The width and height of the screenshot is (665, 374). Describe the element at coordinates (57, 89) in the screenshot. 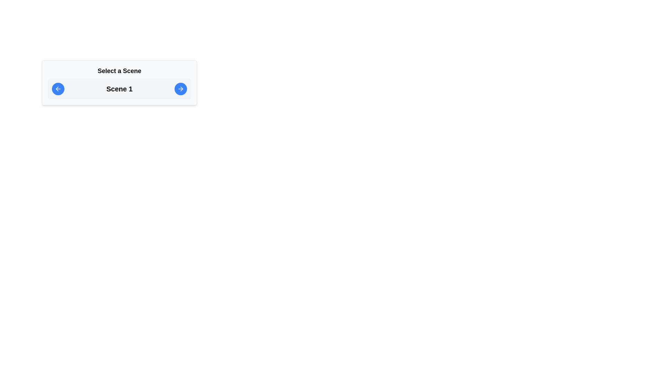

I see `the left-pointing arrow graphical icon located within the left-most circular button of a horizontal layout containing two circular buttons and a white rectangle labeled 'Scene 1'` at that location.